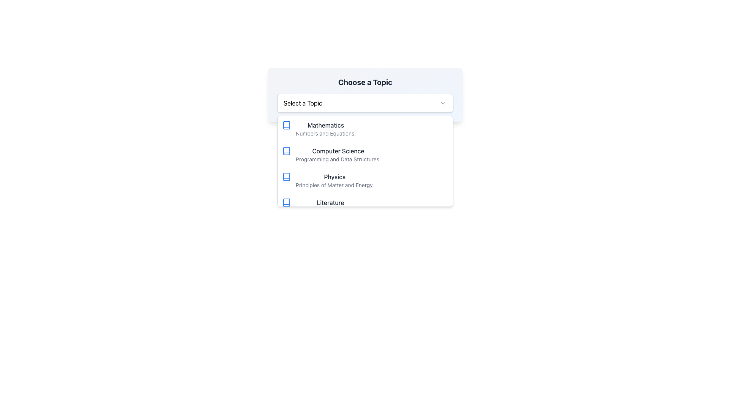 The height and width of the screenshot is (410, 729). I want to click on the stylized book icon associated with the 'Mathematics' topic in the list of selectable topics, so click(286, 125).